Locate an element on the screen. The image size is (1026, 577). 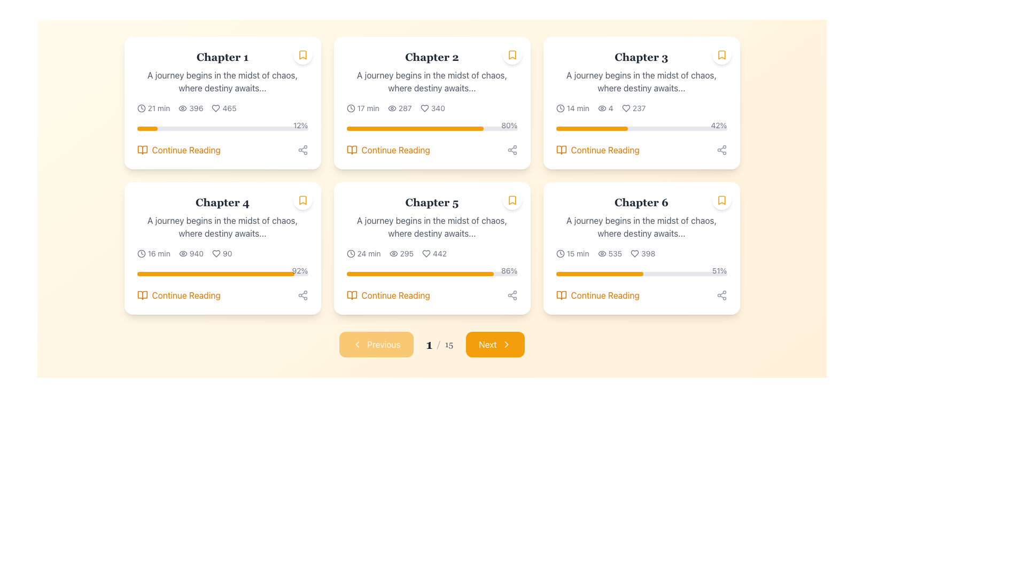
the horizontal progress bar with a gray background and an orange-filled section located in the third chapter card of a 2x3 grid layout, positioned centrally near the bottom of the card is located at coordinates (641, 128).